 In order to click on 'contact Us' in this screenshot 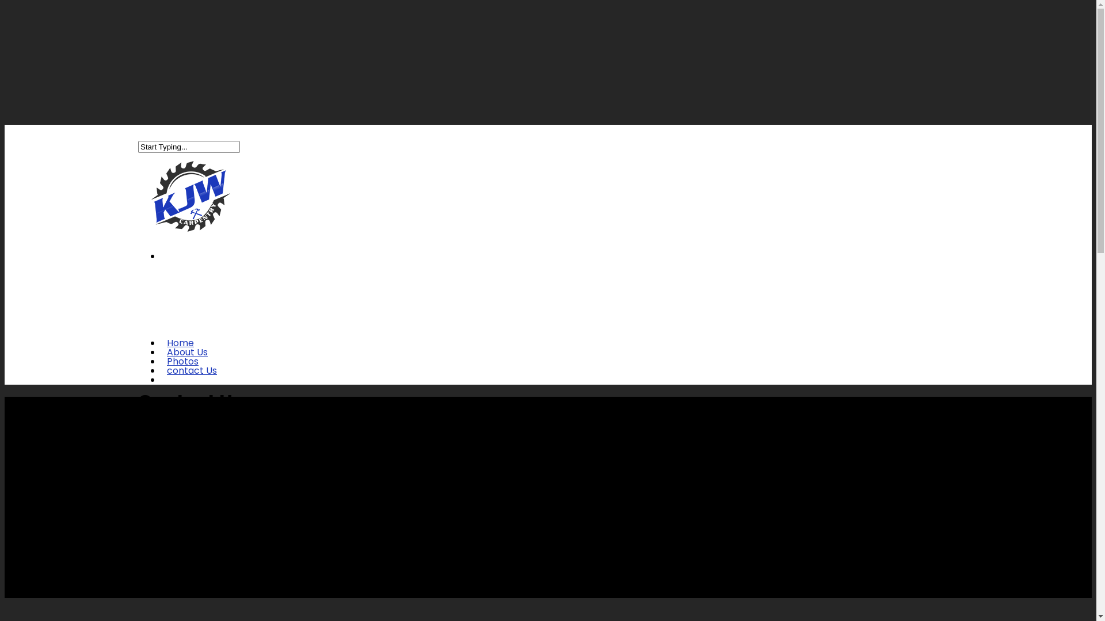, I will do `click(192, 378)`.